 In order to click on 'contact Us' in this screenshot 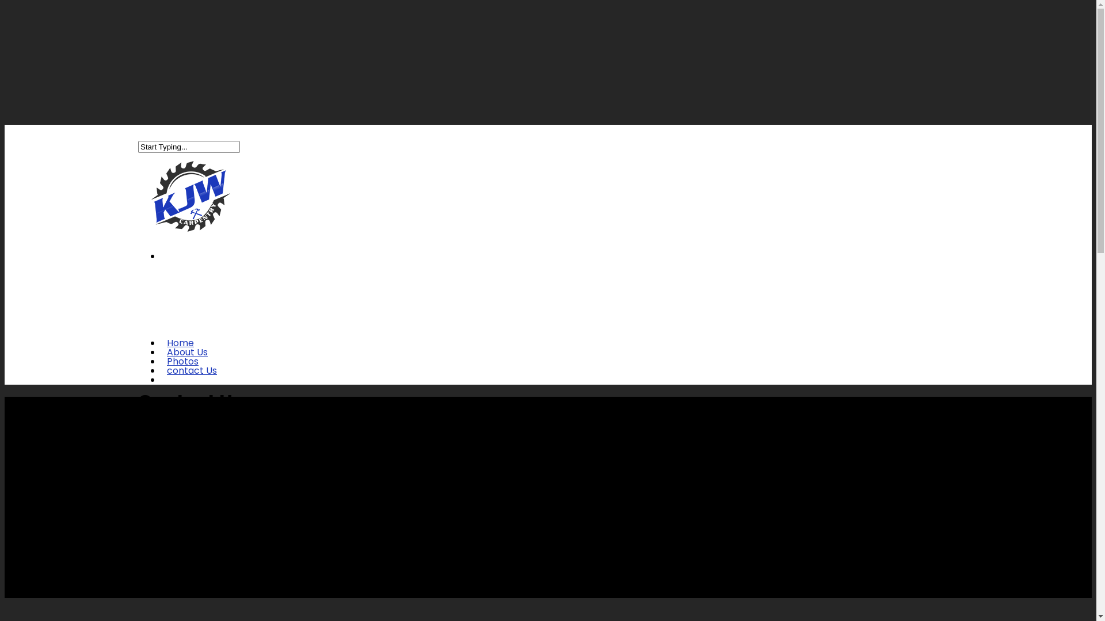, I will do `click(192, 378)`.